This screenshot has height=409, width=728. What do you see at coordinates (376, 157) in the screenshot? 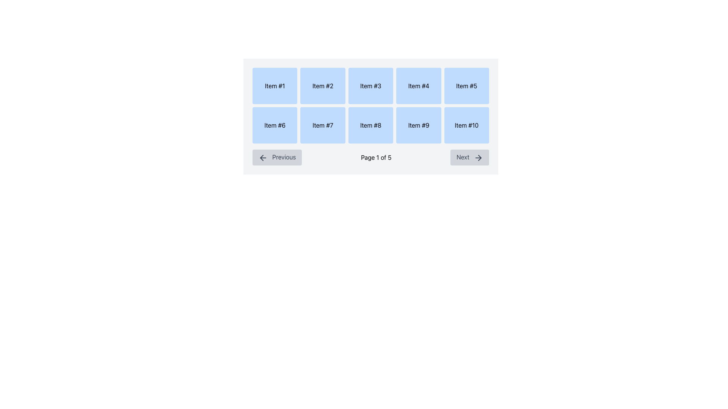
I see `the text label displaying 'Page 1 of 5', which is located at the bottom center of the component between the 'Previous' and 'Next' buttons` at bounding box center [376, 157].